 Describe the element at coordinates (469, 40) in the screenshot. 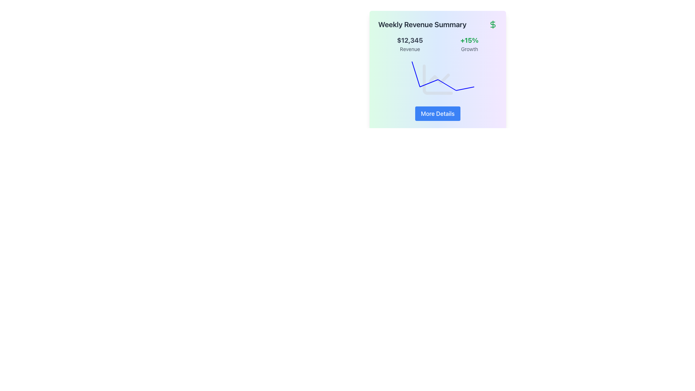

I see `the text label that visually represents a percentage increase in the upper-right section of a data summary card, above the text 'Growth'` at that location.